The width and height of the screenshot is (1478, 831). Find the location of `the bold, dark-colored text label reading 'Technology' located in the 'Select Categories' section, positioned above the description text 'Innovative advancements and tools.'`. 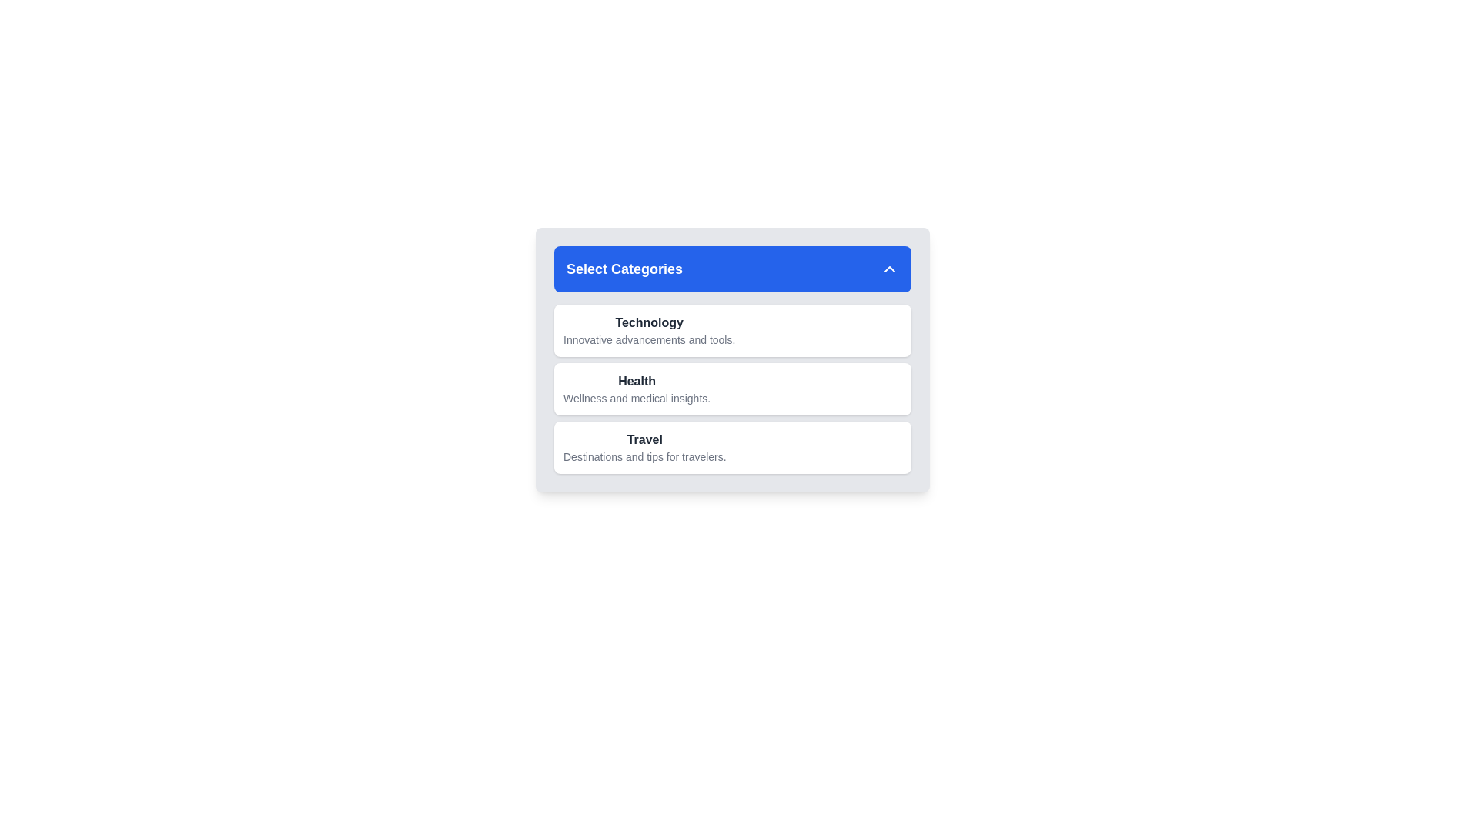

the bold, dark-colored text label reading 'Technology' located in the 'Select Categories' section, positioned above the description text 'Innovative advancements and tools.' is located at coordinates (649, 322).